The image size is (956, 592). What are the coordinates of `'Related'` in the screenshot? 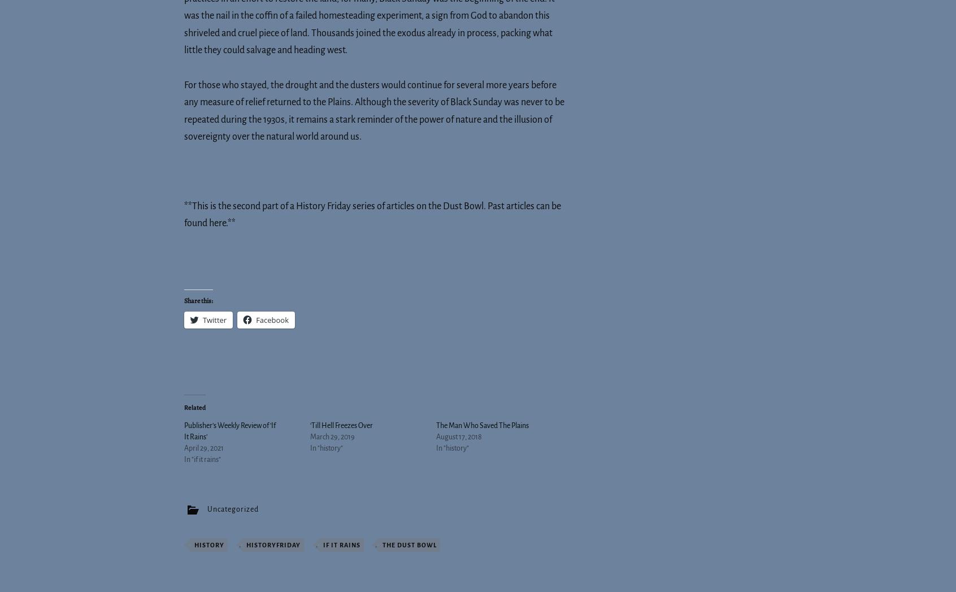 It's located at (194, 407).